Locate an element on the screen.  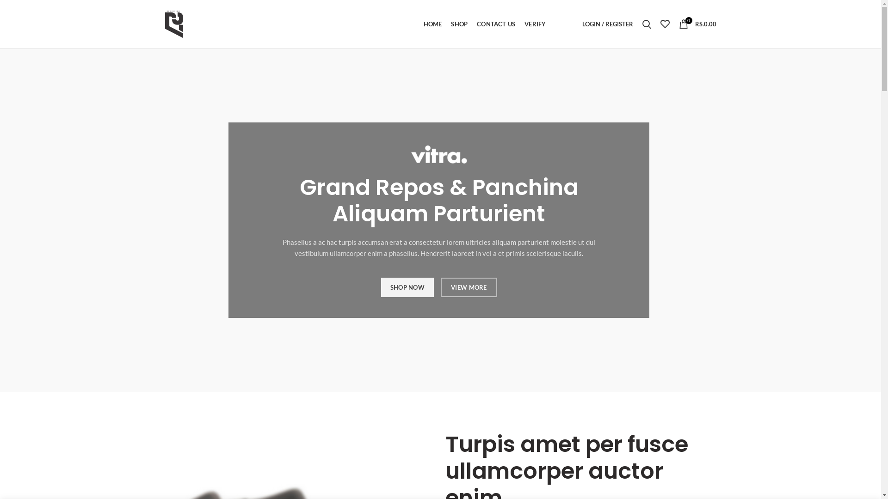
'HOME' is located at coordinates (432, 23).